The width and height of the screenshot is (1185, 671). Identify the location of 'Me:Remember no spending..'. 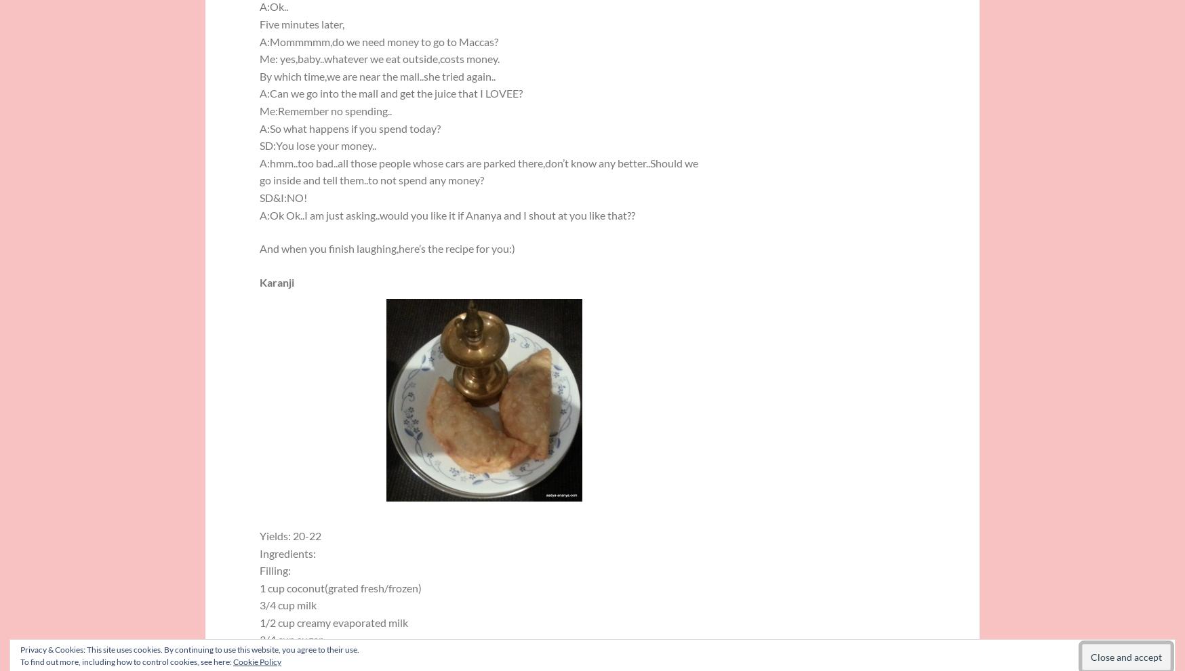
(325, 110).